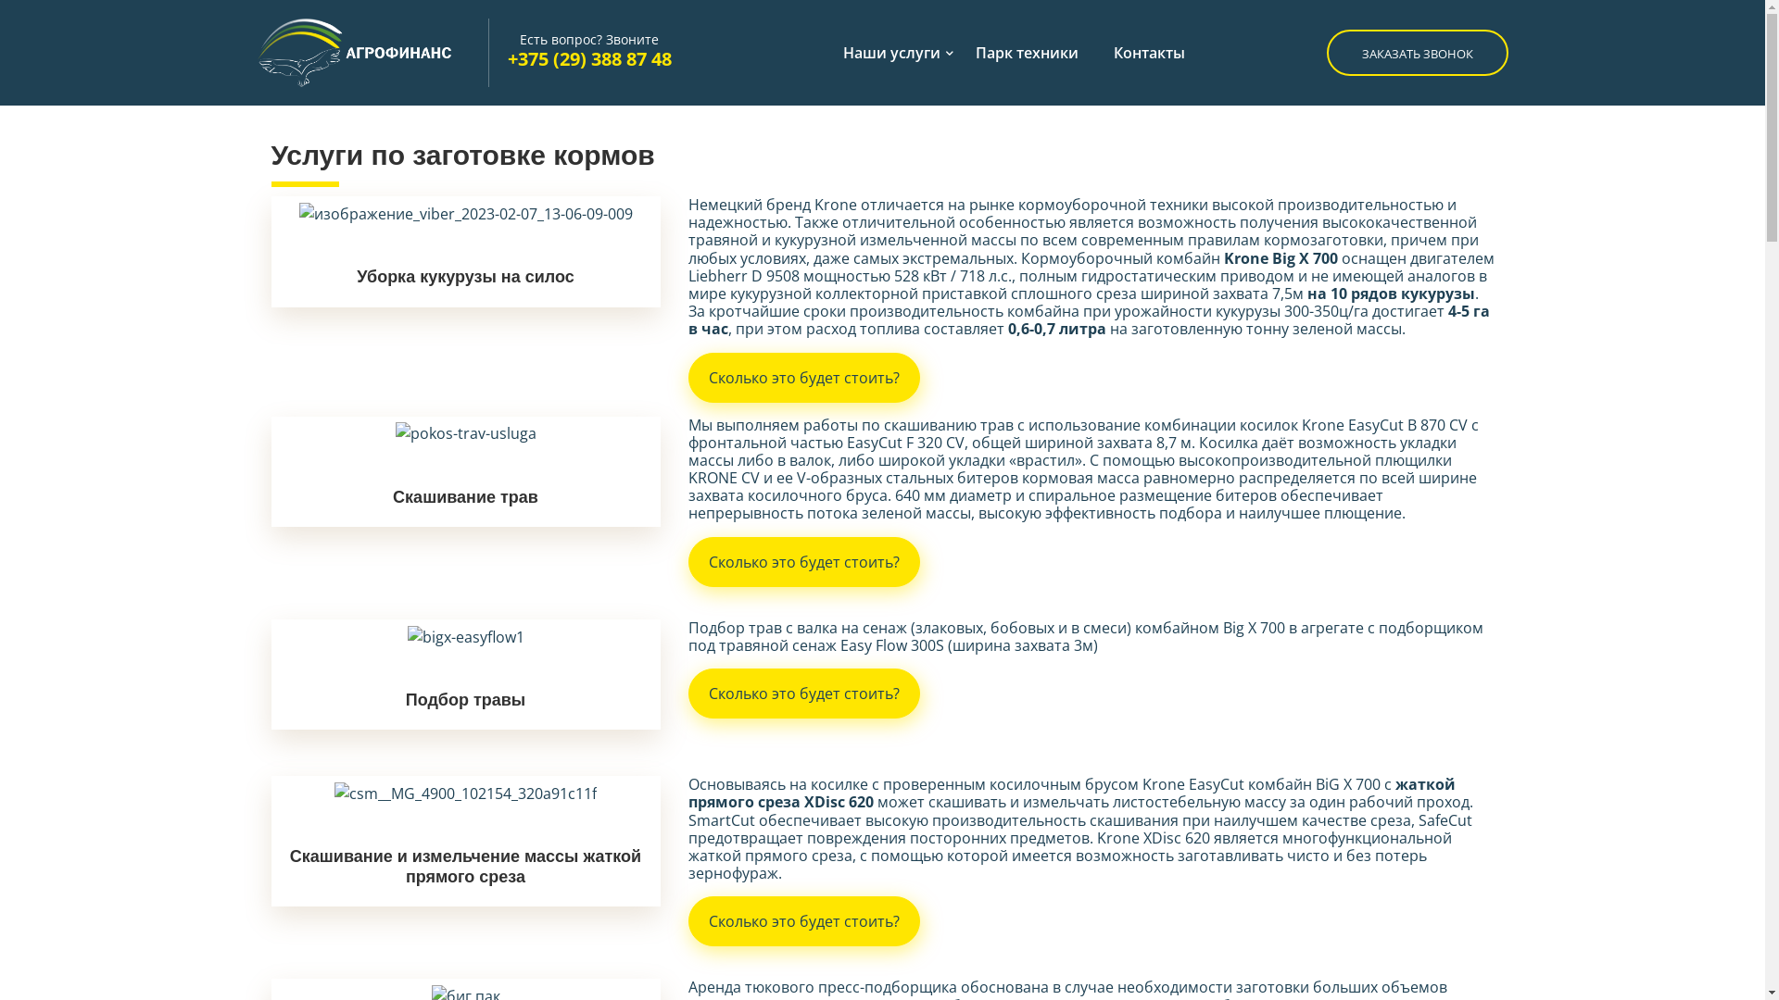 This screenshot has width=1779, height=1000. What do you see at coordinates (372, 52) in the screenshot?
I see `'agrouslugi'` at bounding box center [372, 52].